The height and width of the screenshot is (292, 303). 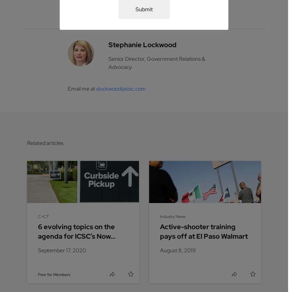 I want to click on 'Free for Members', so click(x=54, y=274).